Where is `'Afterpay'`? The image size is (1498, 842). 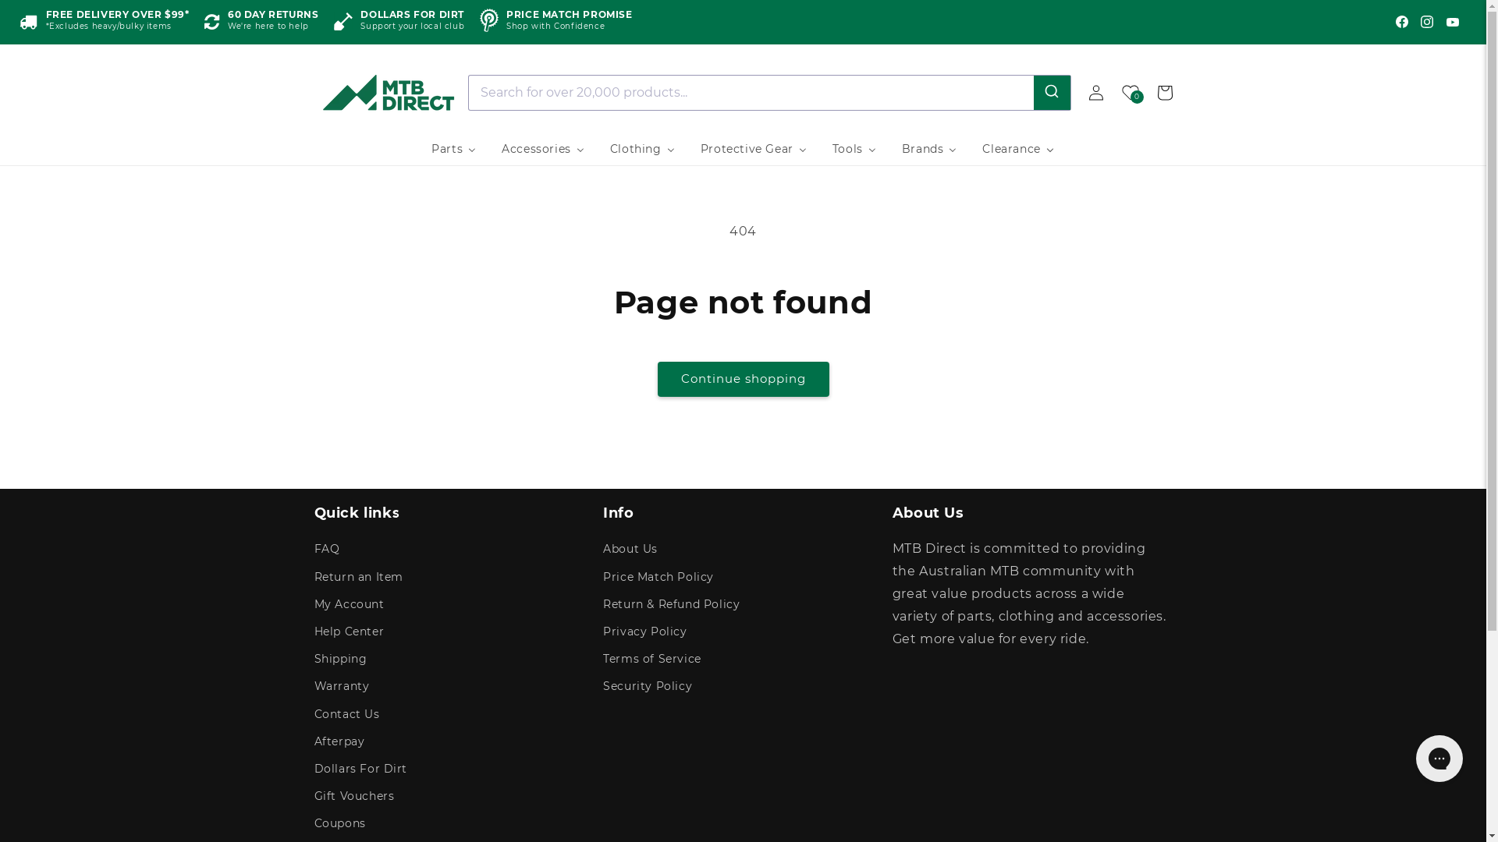 'Afterpay' is located at coordinates (338, 741).